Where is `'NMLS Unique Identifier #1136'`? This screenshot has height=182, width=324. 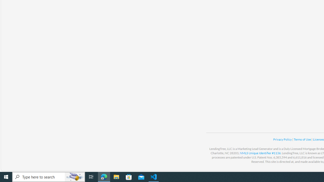
'NMLS Unique Identifier #1136' is located at coordinates (260, 153).